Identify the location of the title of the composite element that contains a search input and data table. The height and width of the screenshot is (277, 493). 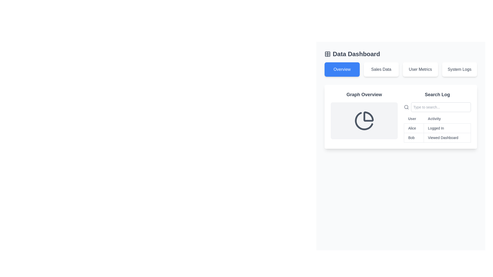
(437, 117).